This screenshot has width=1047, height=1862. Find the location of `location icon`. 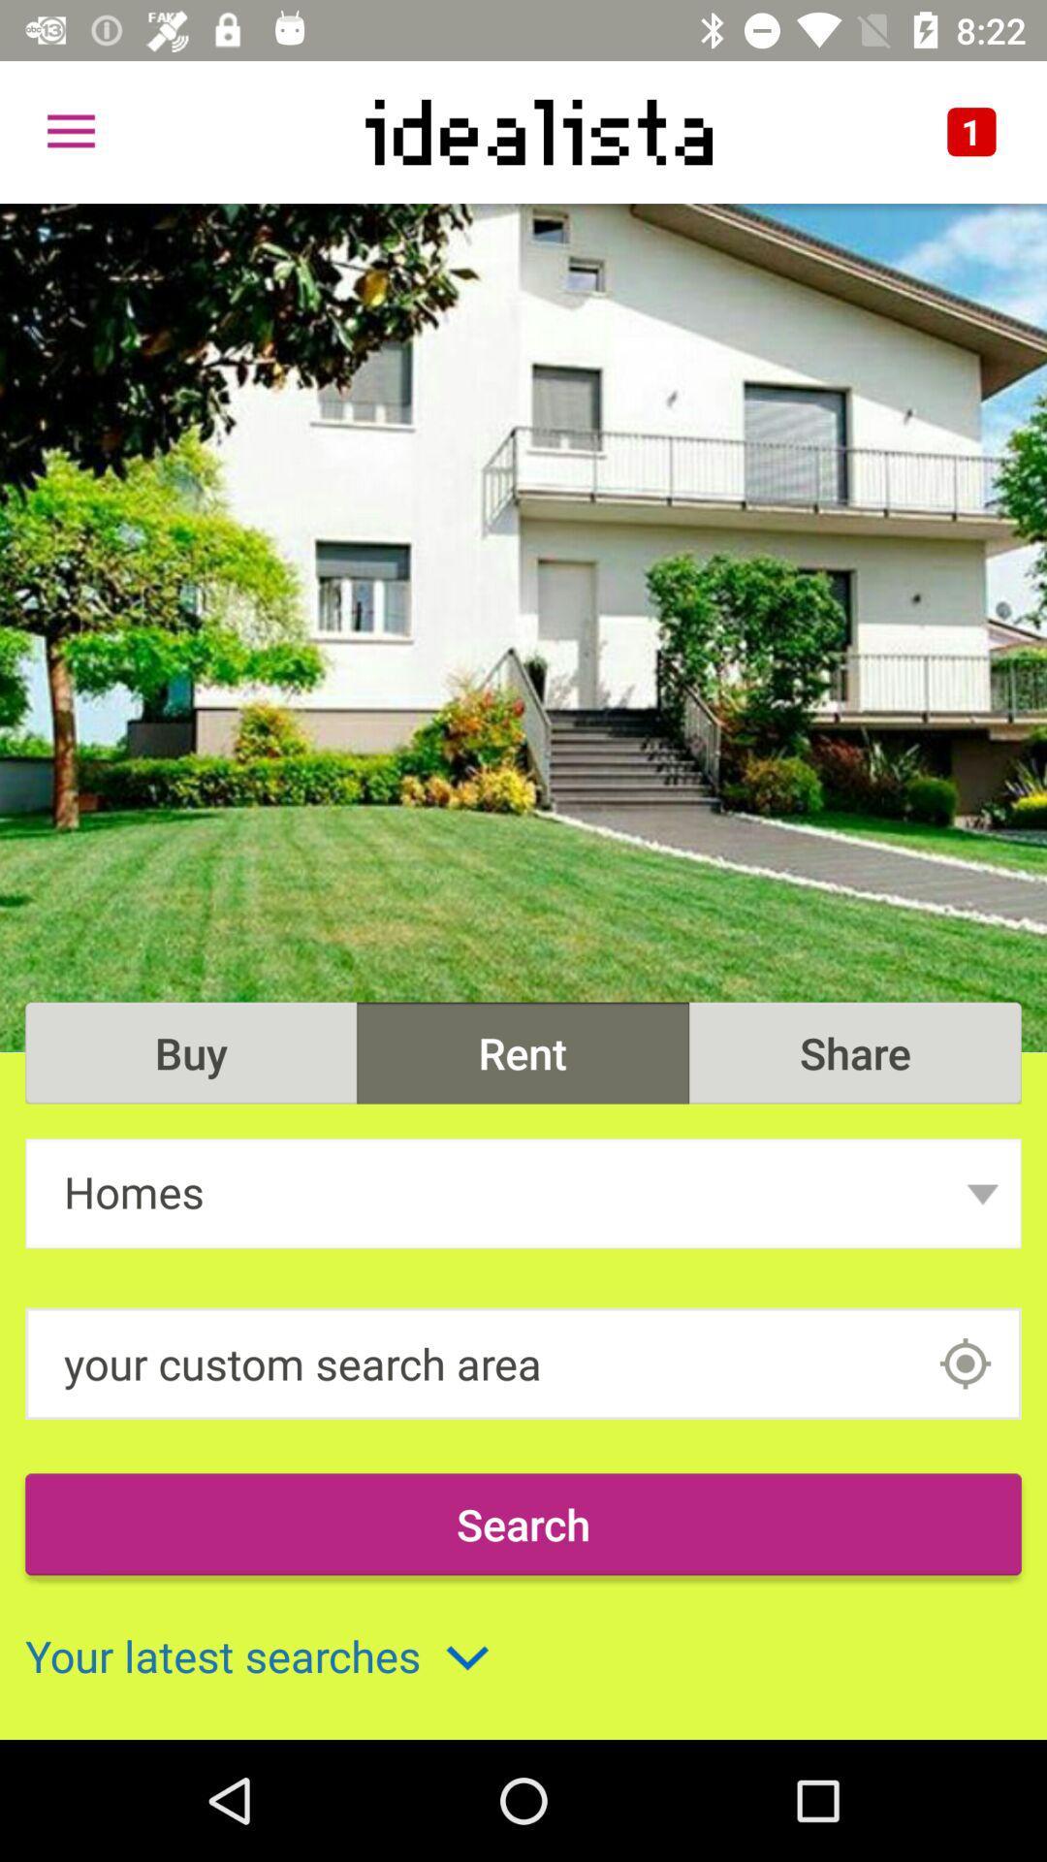

location icon is located at coordinates (965, 1363).